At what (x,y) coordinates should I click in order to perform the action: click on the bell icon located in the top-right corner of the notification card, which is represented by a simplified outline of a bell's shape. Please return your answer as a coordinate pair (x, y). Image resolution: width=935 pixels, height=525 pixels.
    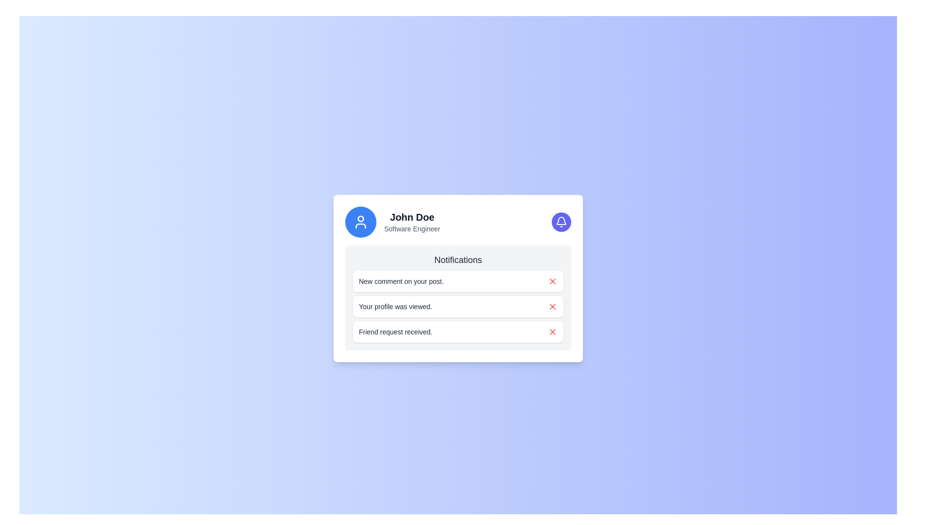
    Looking at the image, I should click on (561, 221).